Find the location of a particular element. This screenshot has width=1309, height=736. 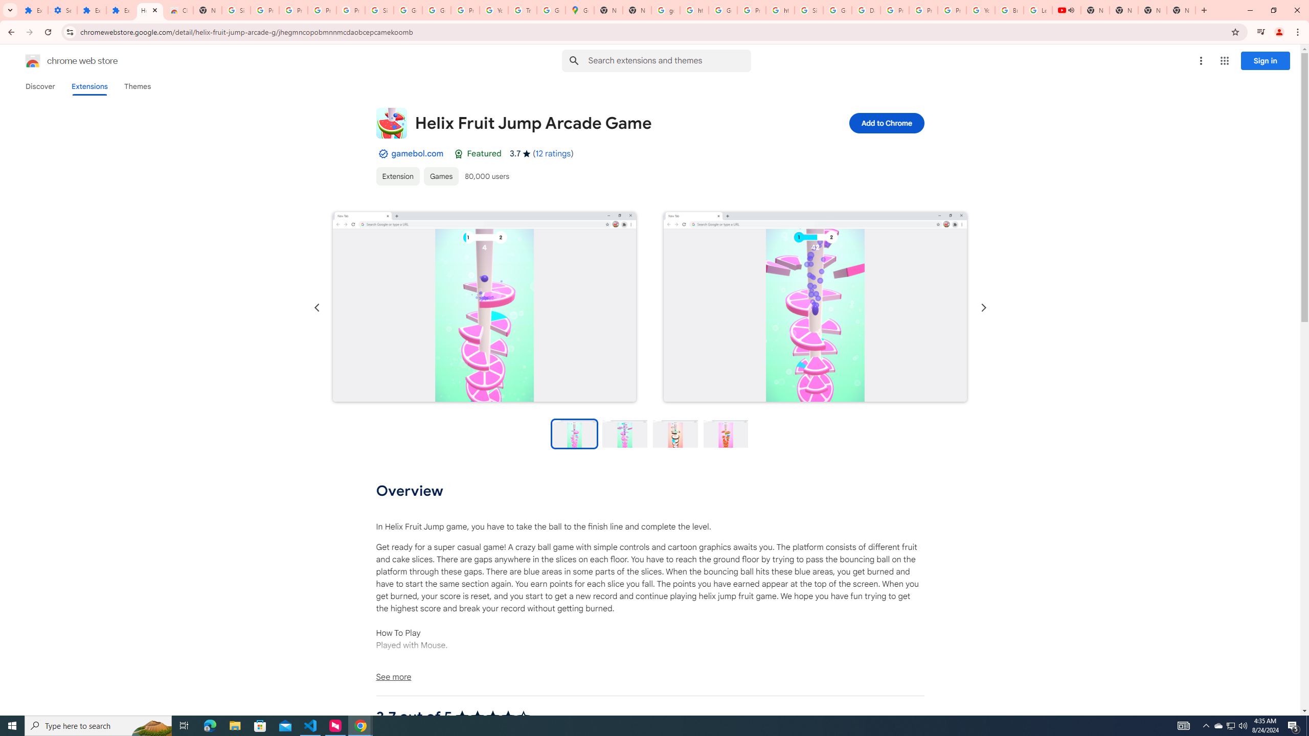

'gamebol.com' is located at coordinates (417, 153).